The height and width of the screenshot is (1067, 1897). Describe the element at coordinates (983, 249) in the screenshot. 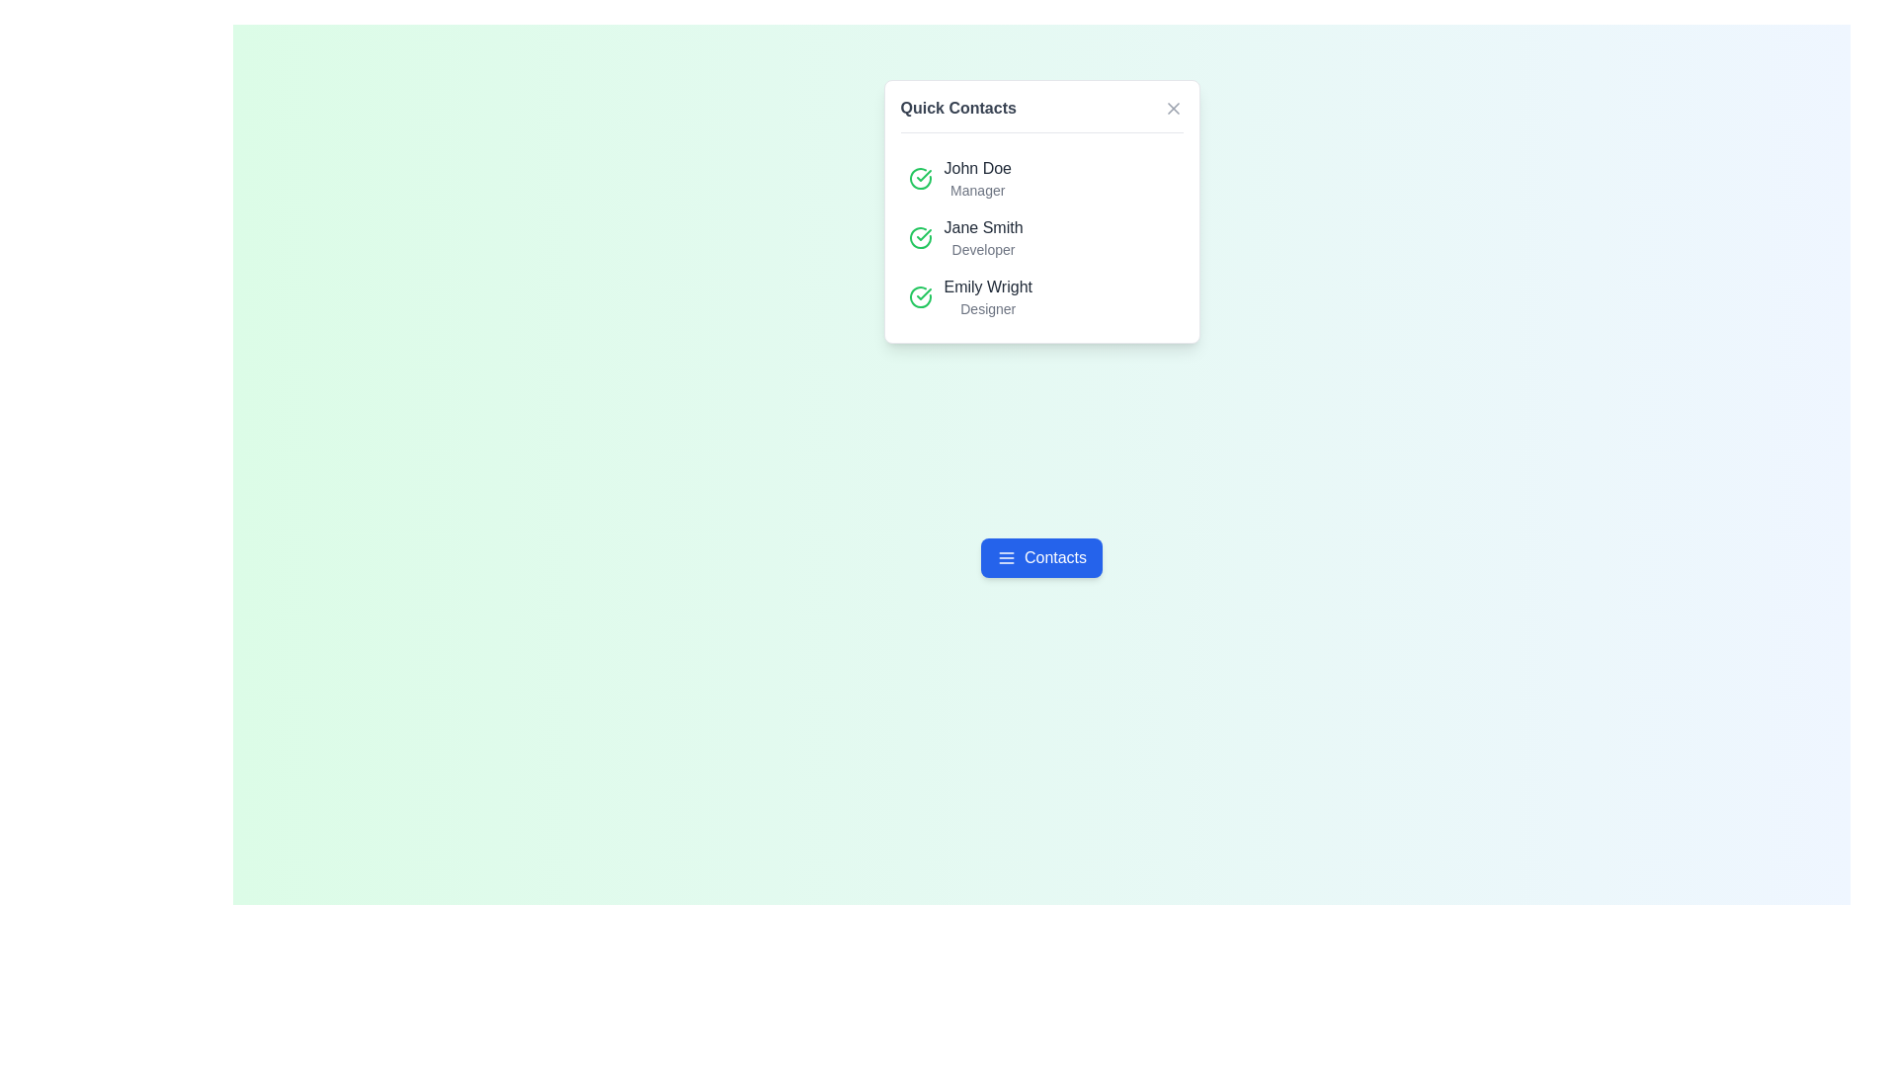

I see `the 'Developer' label located below 'Jane Smith' in the Quick Contacts list` at that location.